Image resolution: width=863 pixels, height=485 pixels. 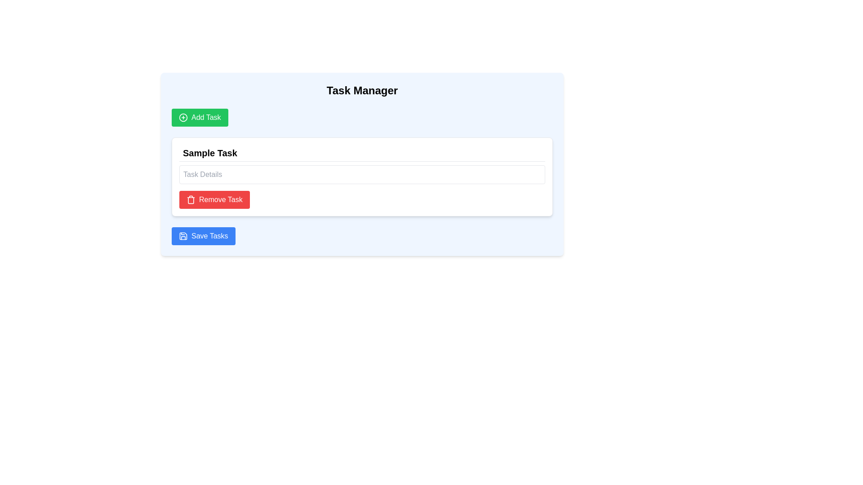 I want to click on the circular SVG icon with a plus sign, which is located within the 'Add Task' button in the top-left corner of the application interface, so click(x=183, y=117).